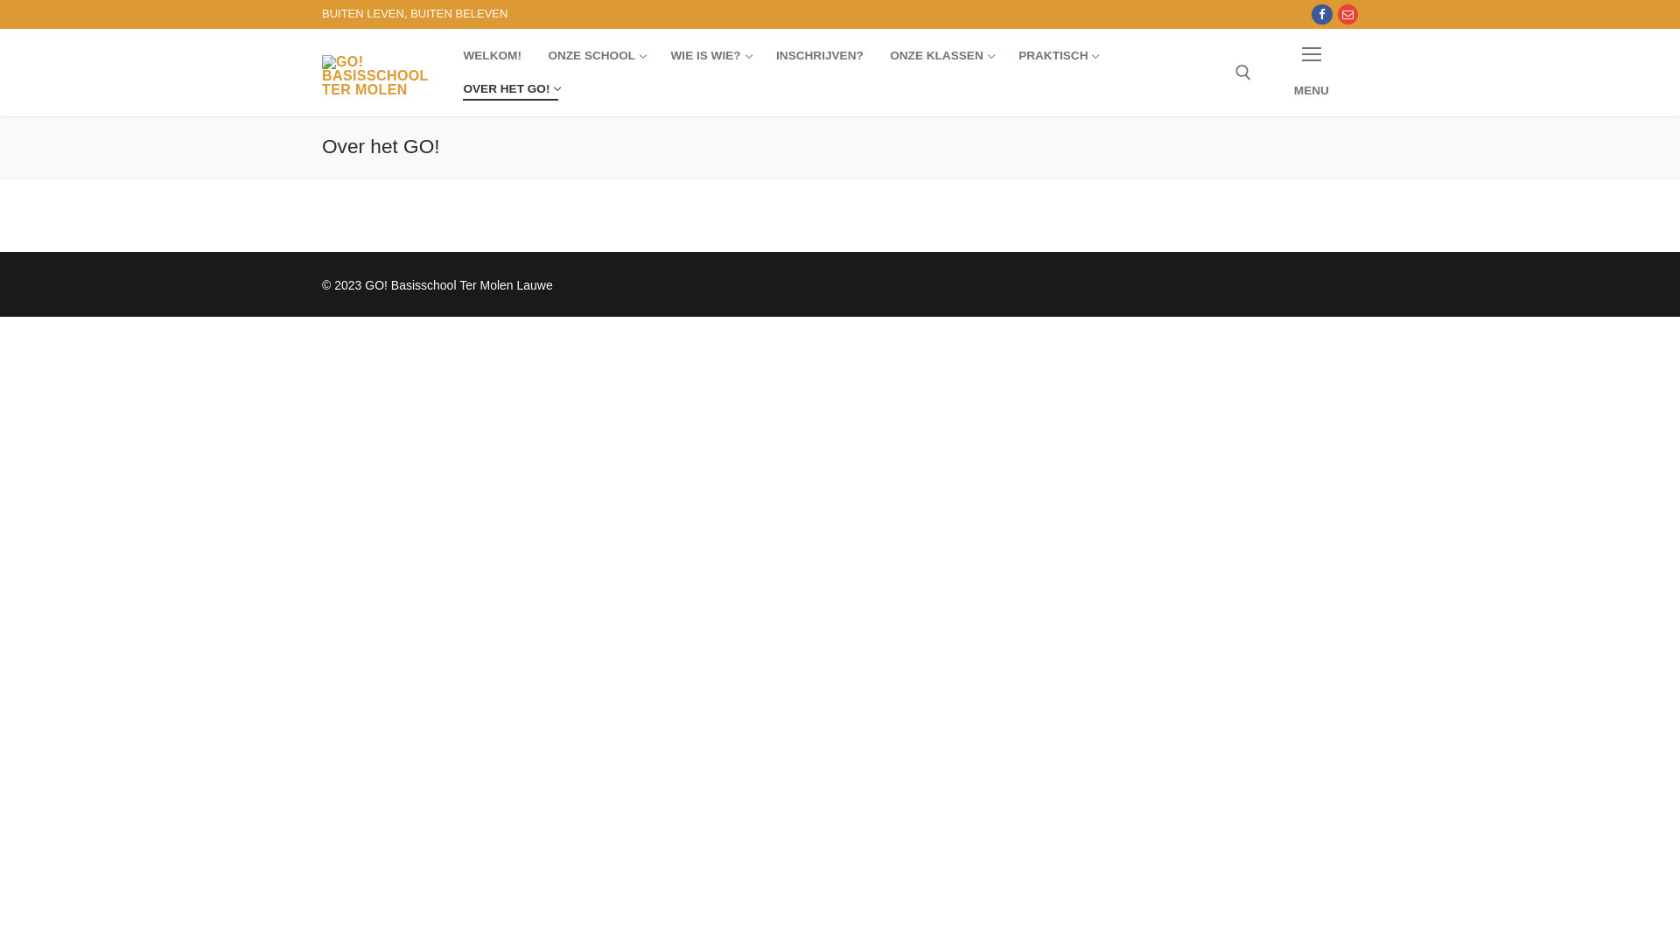 The image size is (1680, 945). Describe the element at coordinates (1056, 55) in the screenshot. I see `'PRAKTISCH` at that location.